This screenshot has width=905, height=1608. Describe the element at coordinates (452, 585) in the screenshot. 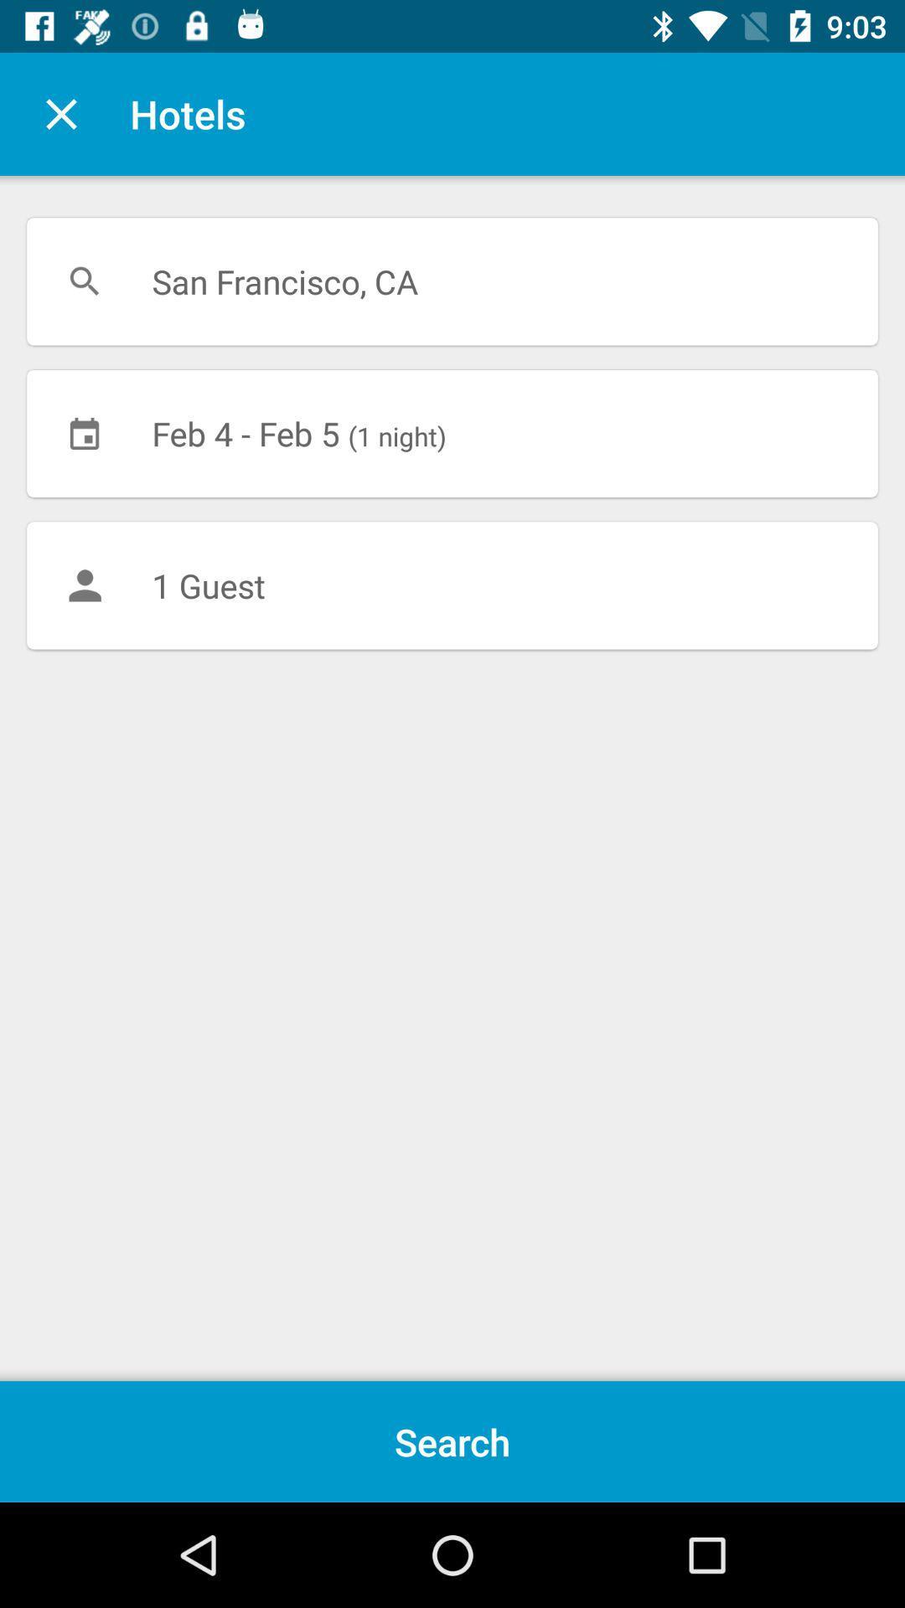

I see `1 guest icon` at that location.